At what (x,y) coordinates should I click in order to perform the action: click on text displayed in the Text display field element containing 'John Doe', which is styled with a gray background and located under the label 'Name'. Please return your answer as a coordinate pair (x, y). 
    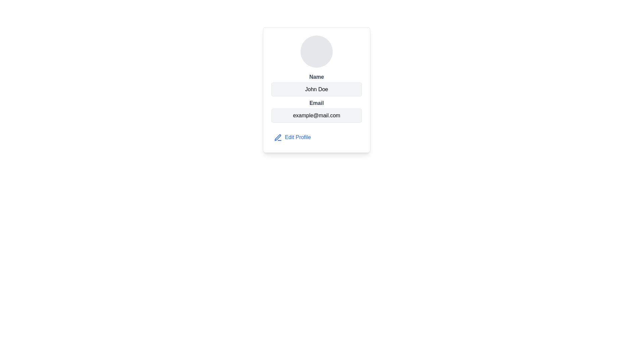
    Looking at the image, I should click on (316, 89).